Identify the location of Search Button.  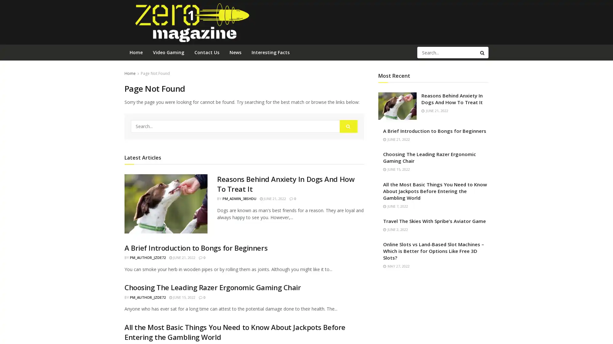
(483, 52).